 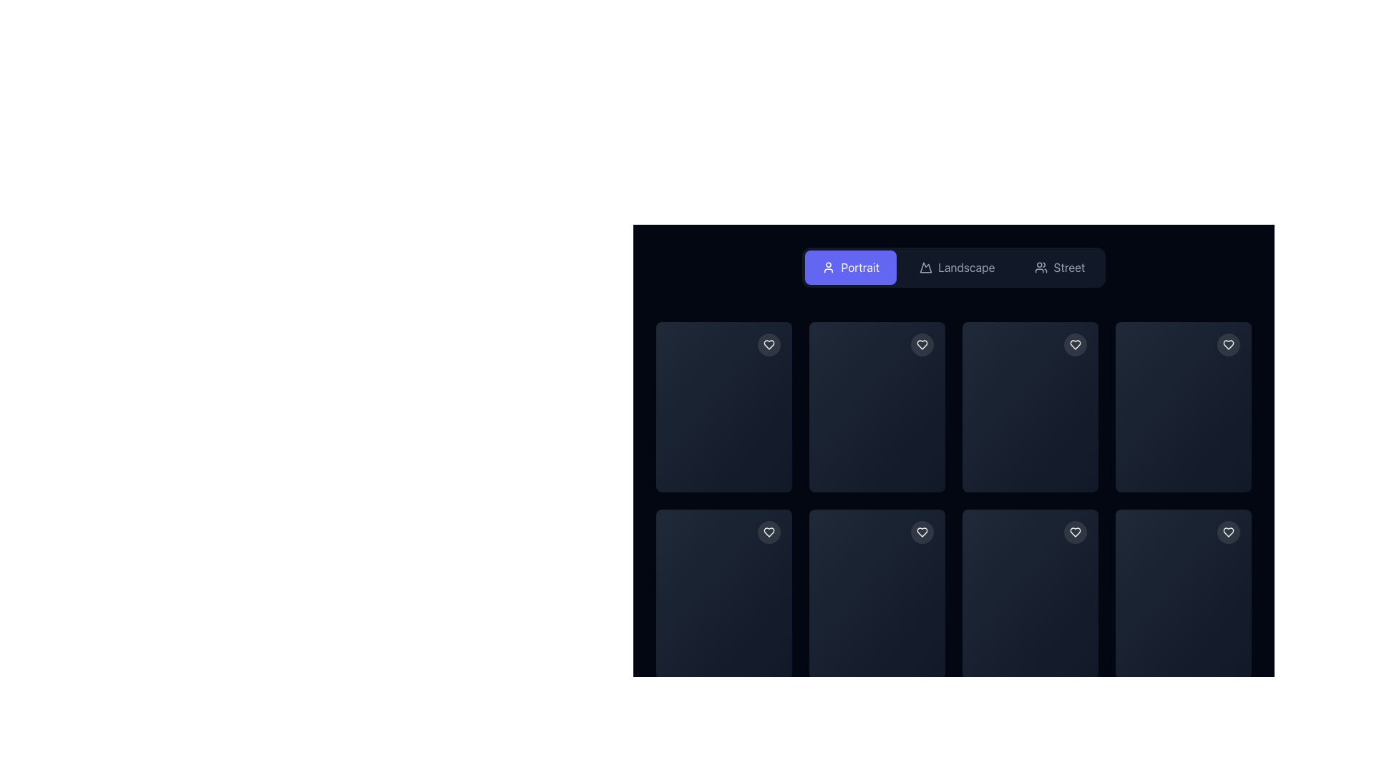 I want to click on the circular button with a white heart icon located in the top-right corner of the card, so click(x=1228, y=345).